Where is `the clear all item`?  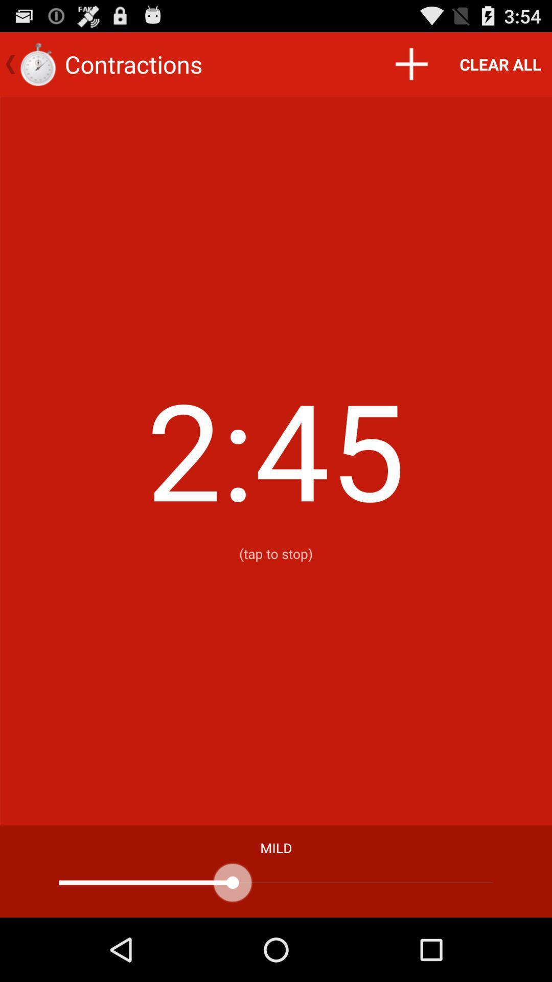
the clear all item is located at coordinates (500, 63).